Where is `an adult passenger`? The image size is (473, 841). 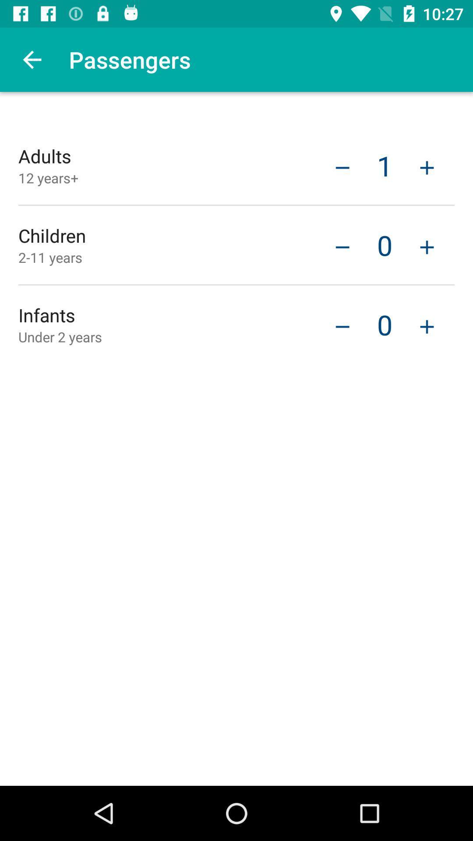 an adult passenger is located at coordinates (427, 166).